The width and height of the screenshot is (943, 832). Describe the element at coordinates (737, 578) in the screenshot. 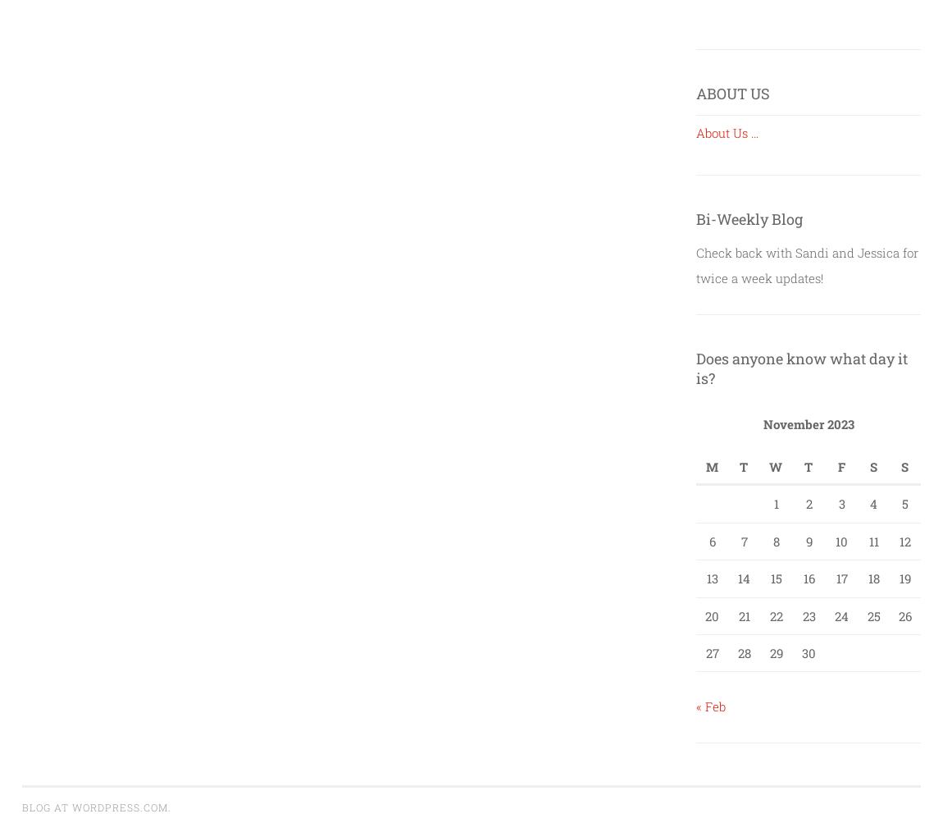

I see `'14'` at that location.